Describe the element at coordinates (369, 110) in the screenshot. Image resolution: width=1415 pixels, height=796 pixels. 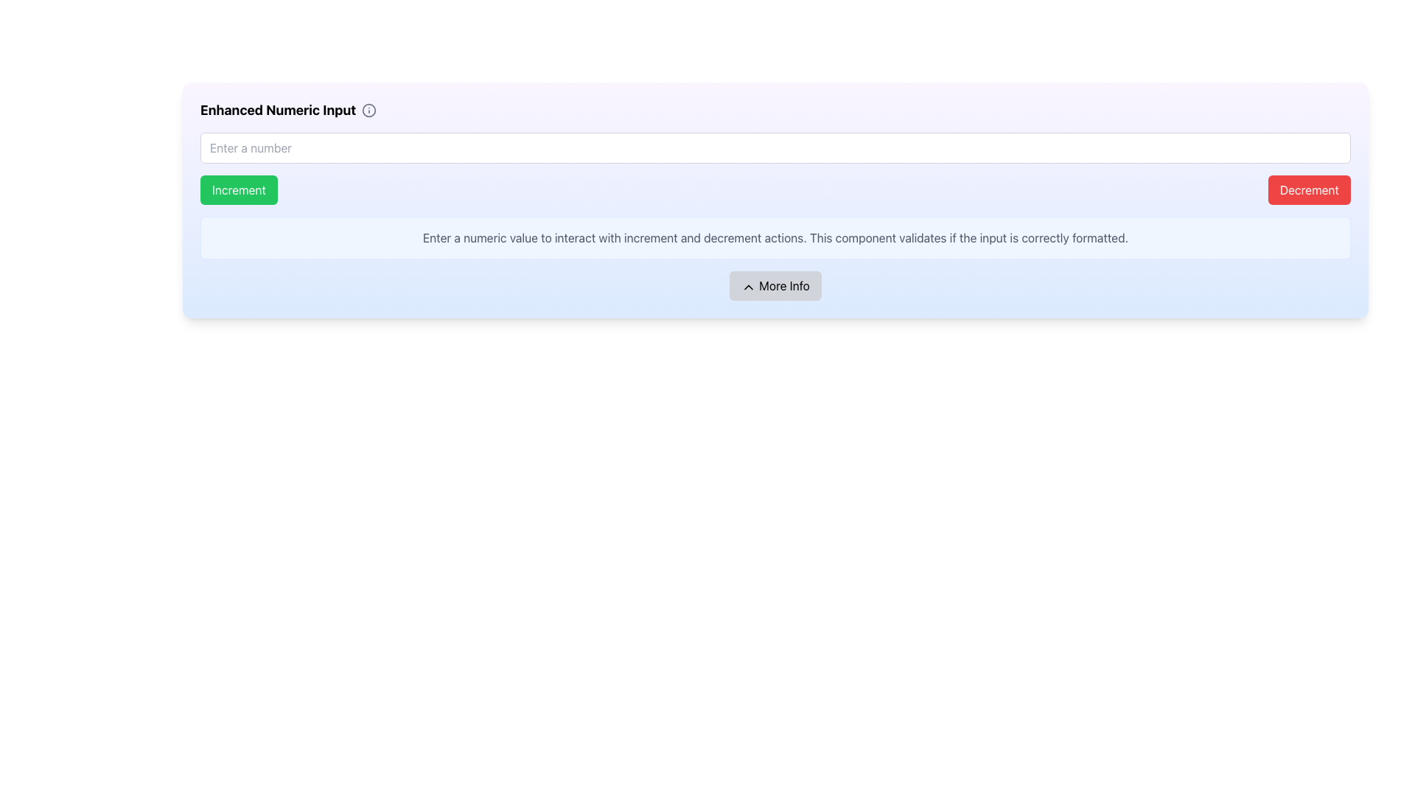
I see `the information icon that provides tips about the 'Enhanced Numeric Input' feature, which is located to the right of the associated text` at that location.